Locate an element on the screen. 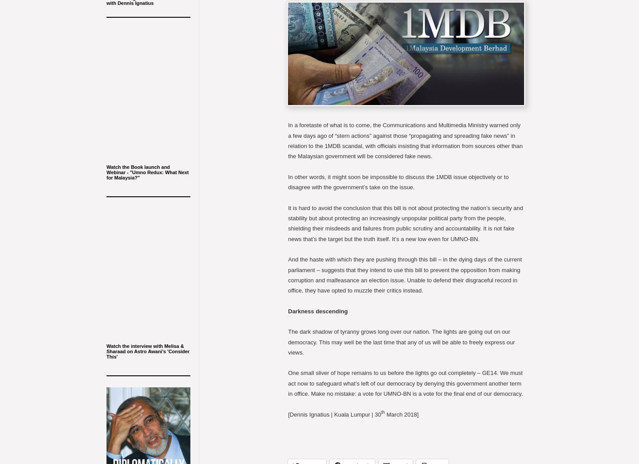  'Watch the interview with Melisa & Sharaad on Astro Awani's 'Consider This'' is located at coordinates (148, 351).